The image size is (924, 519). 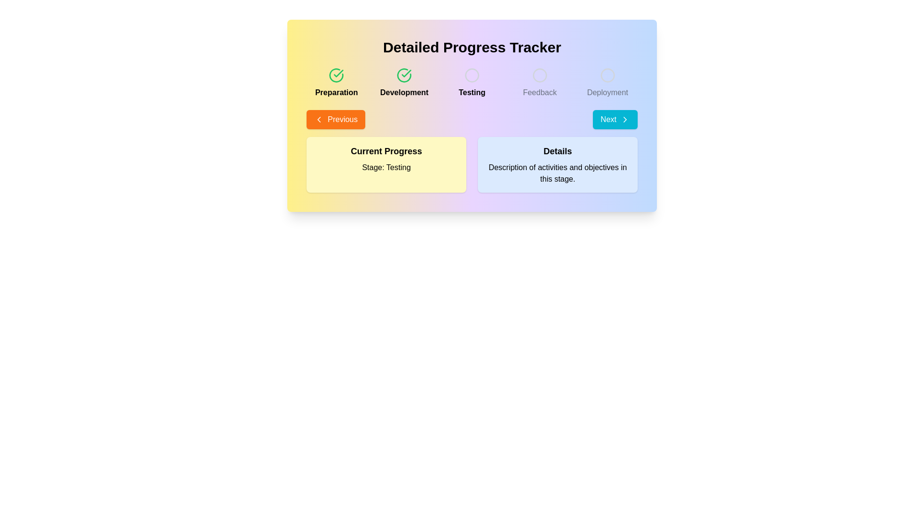 What do you see at coordinates (607, 92) in the screenshot?
I see `the 'Deployment' text label, which is the third label in the progress tracker milestones, styled in gray font and located near the top-right, below the unselected circular icon` at bounding box center [607, 92].